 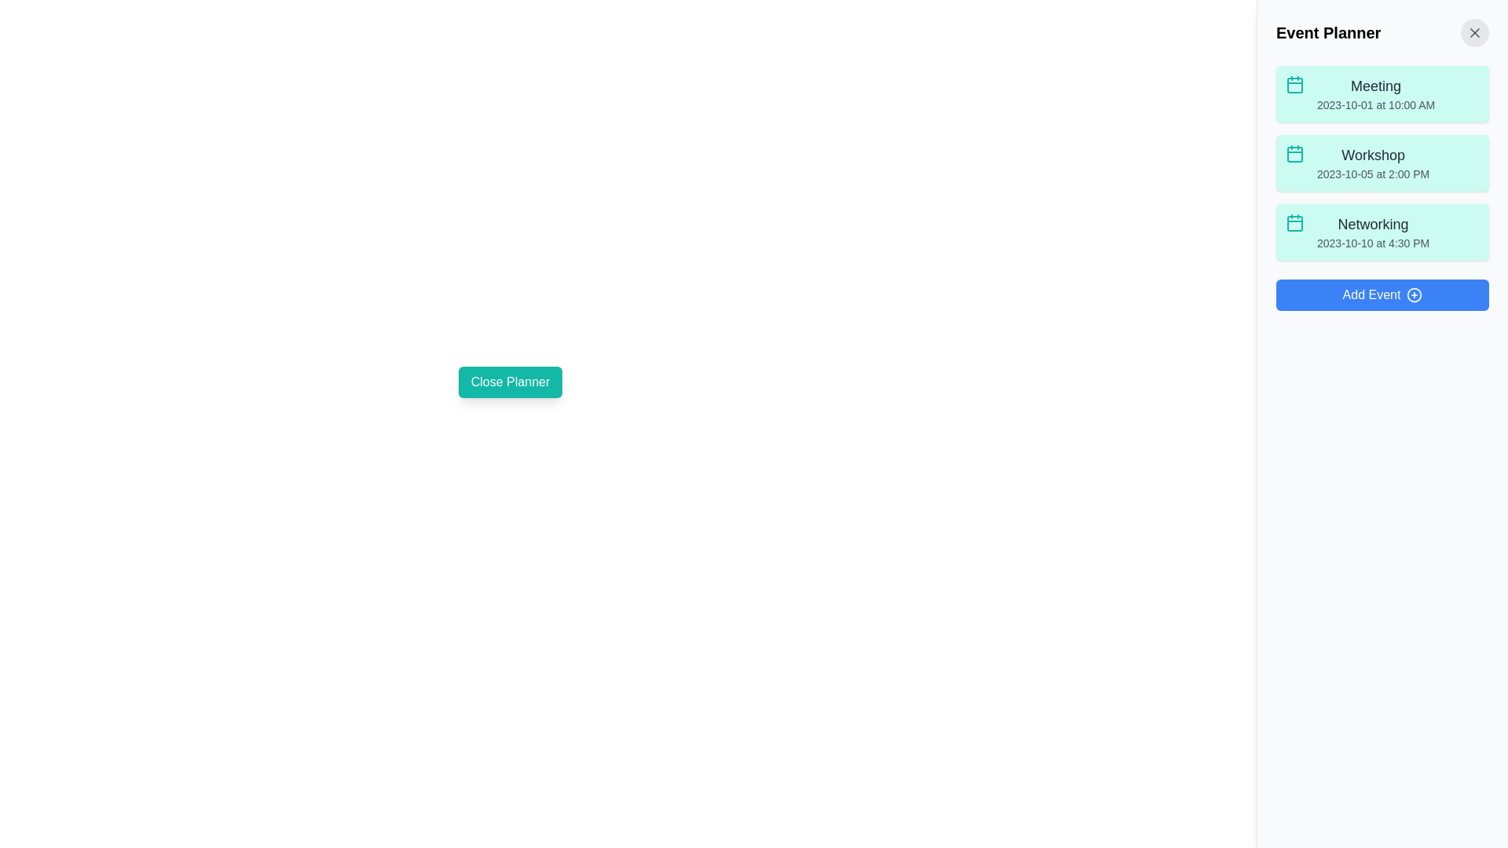 I want to click on the static text element that serves as the title 'Event Planner' located at the top of the sidebar on the right-hand side of the interface, so click(x=1327, y=33).